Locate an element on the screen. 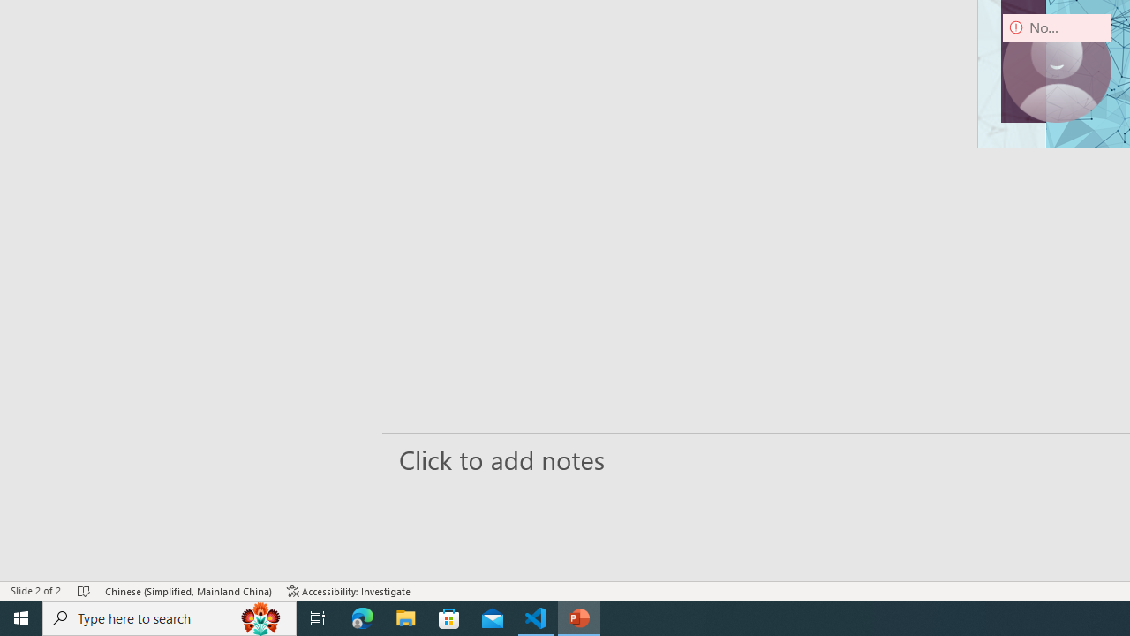 This screenshot has height=636, width=1130. 'Visual Studio Code - 1 running window' is located at coordinates (535, 617).